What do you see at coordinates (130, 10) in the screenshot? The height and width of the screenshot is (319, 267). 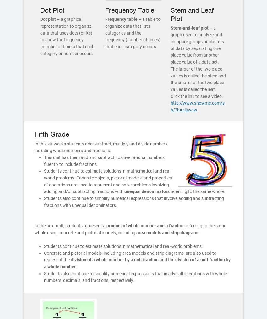 I see `'Frequency Table'` at bounding box center [130, 10].